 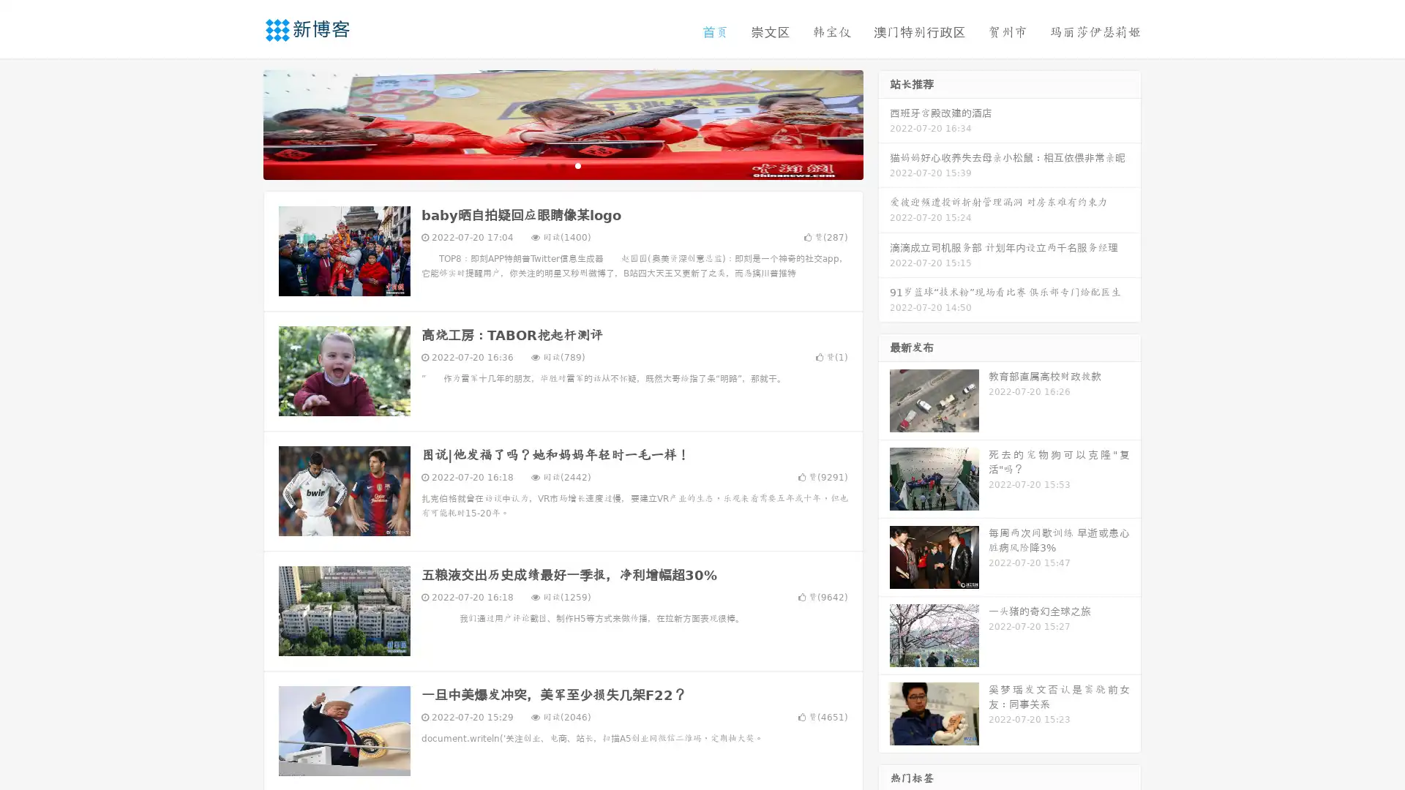 What do you see at coordinates (547, 165) in the screenshot?
I see `Go to slide 1` at bounding box center [547, 165].